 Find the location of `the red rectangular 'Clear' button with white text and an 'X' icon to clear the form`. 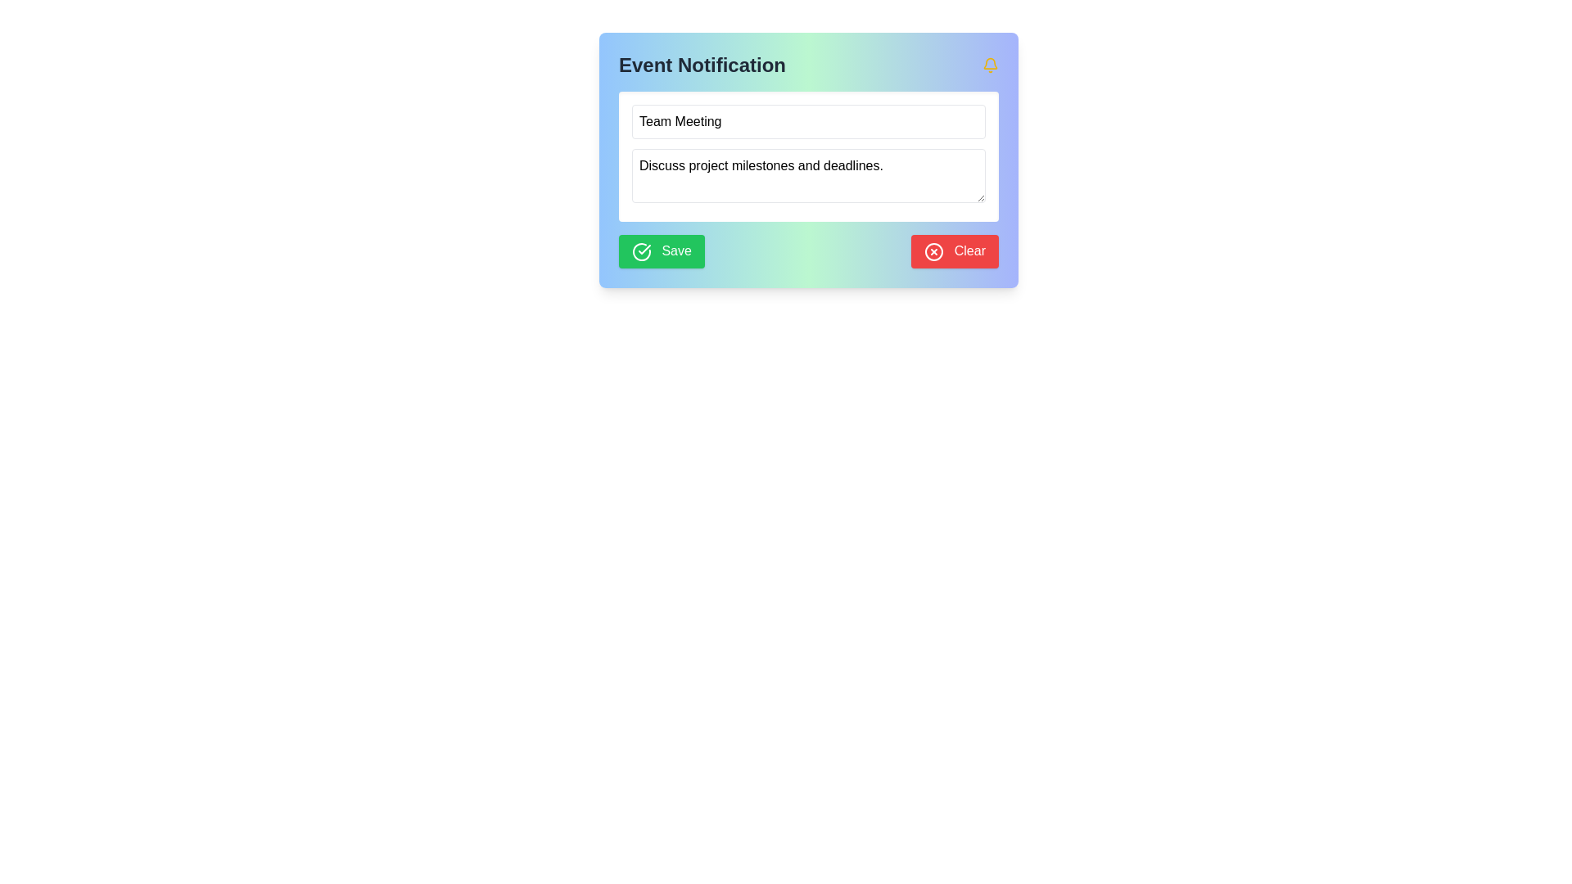

the red rectangular 'Clear' button with white text and an 'X' icon to clear the form is located at coordinates (955, 251).